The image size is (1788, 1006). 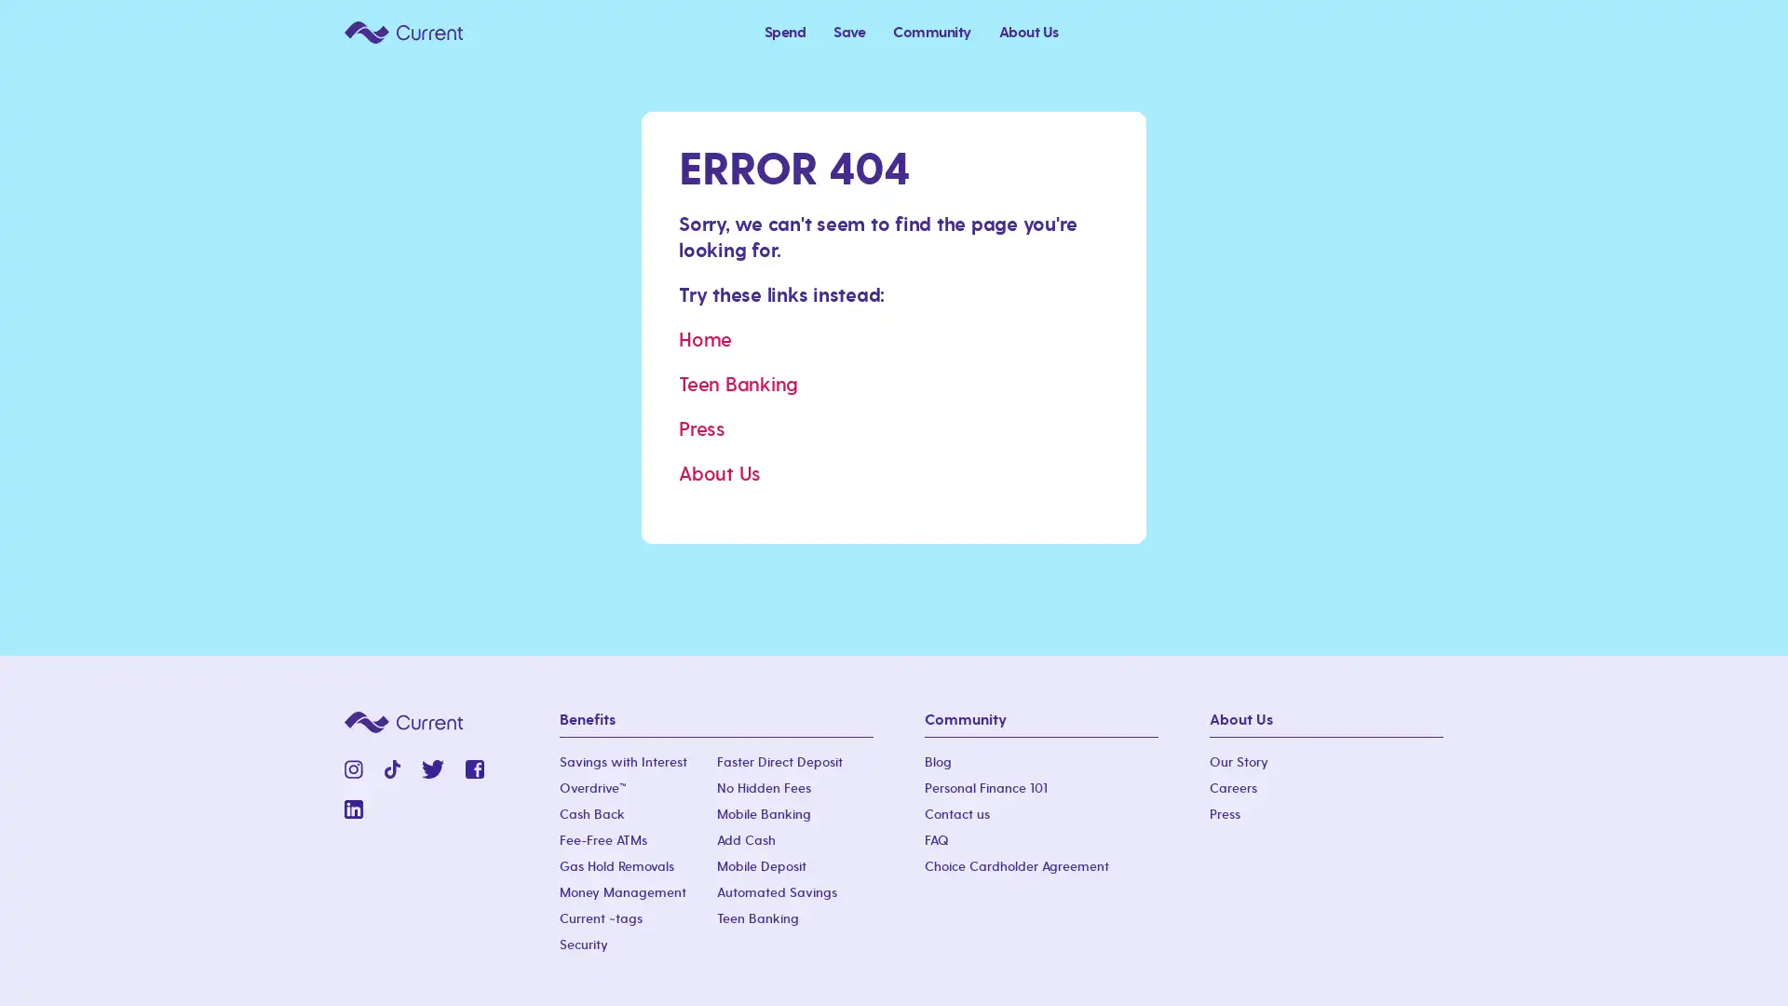 What do you see at coordinates (776, 892) in the screenshot?
I see `Automated Savings` at bounding box center [776, 892].